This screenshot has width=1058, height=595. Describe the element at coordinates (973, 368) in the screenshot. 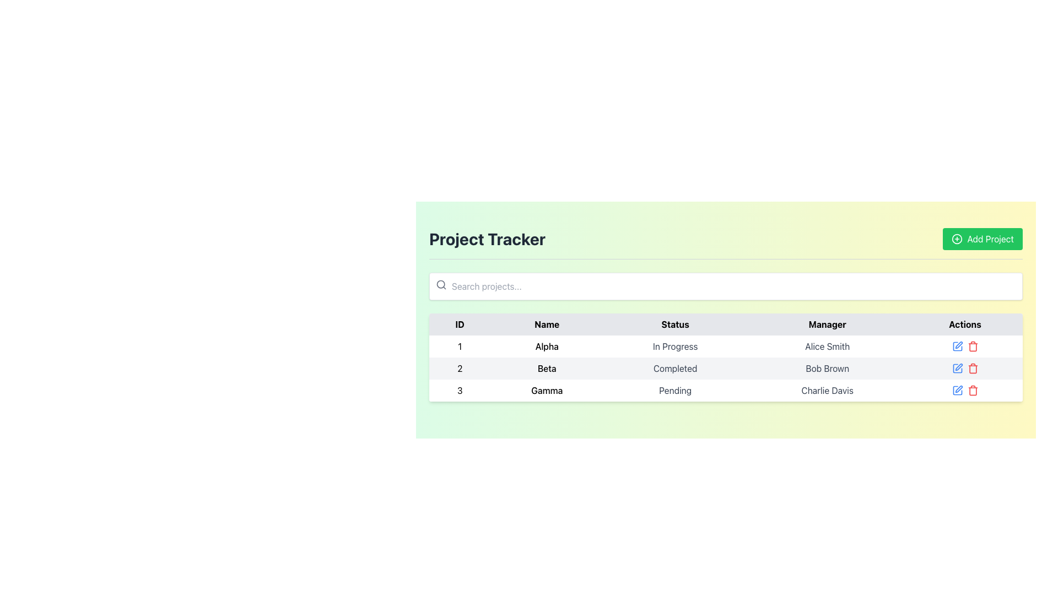

I see `the red-colored trash can icon button in the 'Actions' column of the second row` at that location.